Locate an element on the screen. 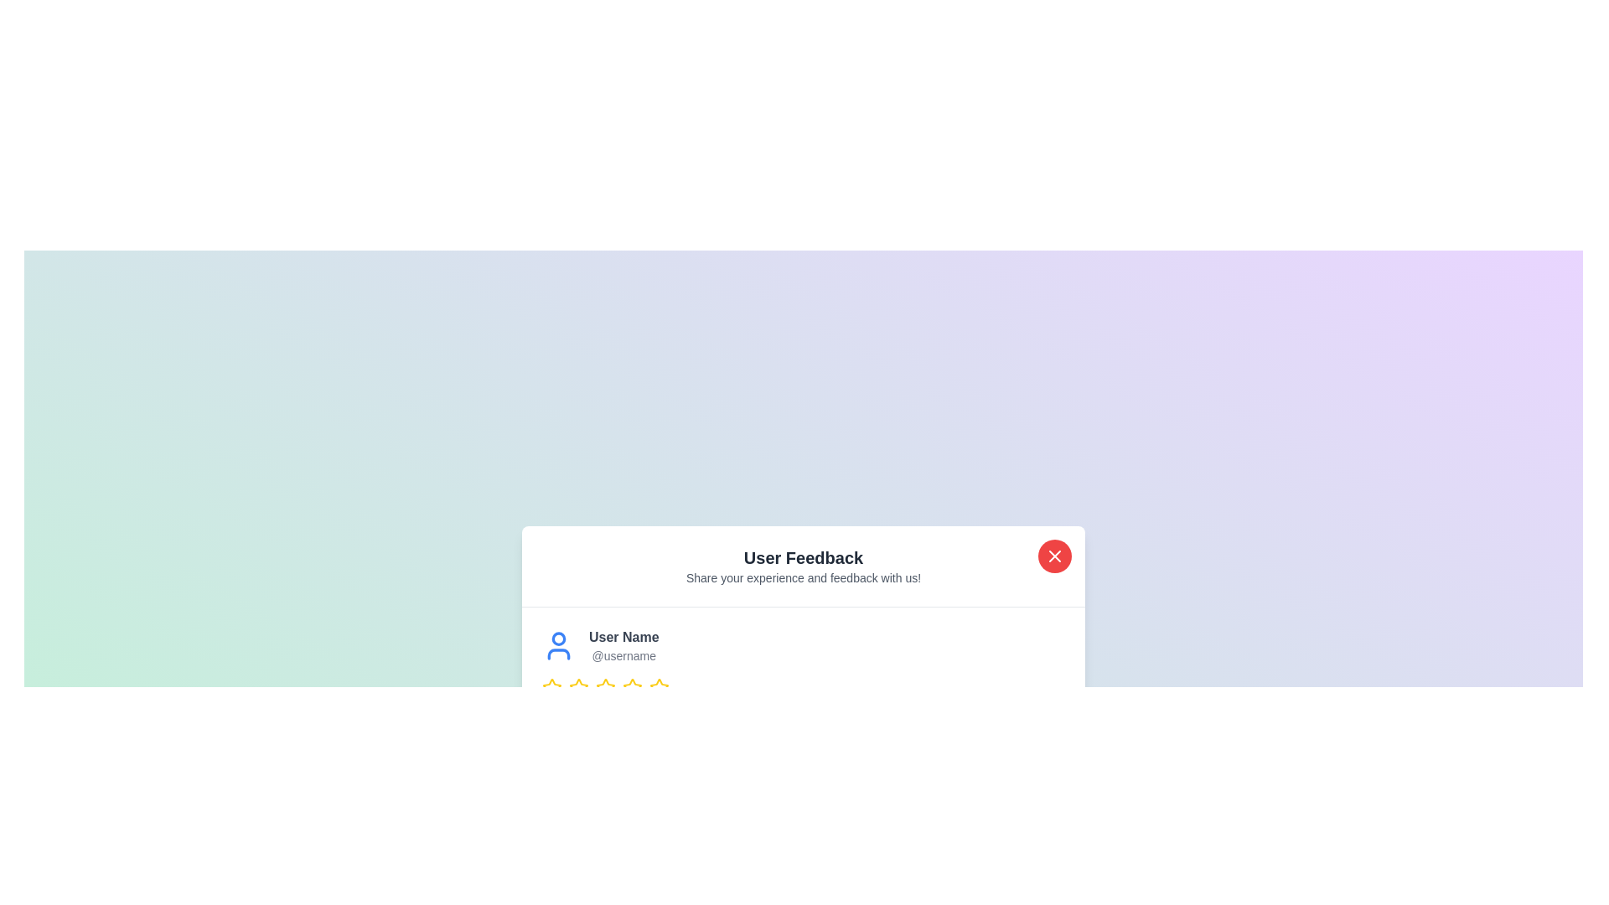 The image size is (1609, 905). the first star icon in the rating system to indicate potential selection is located at coordinates (579, 687).